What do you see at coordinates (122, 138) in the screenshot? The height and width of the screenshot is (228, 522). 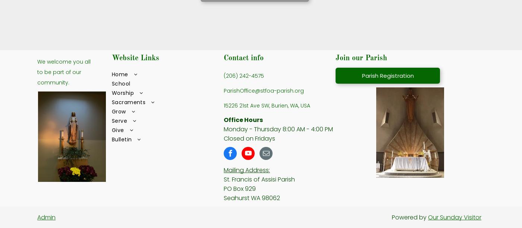 I see `'Bulletin'` at bounding box center [122, 138].